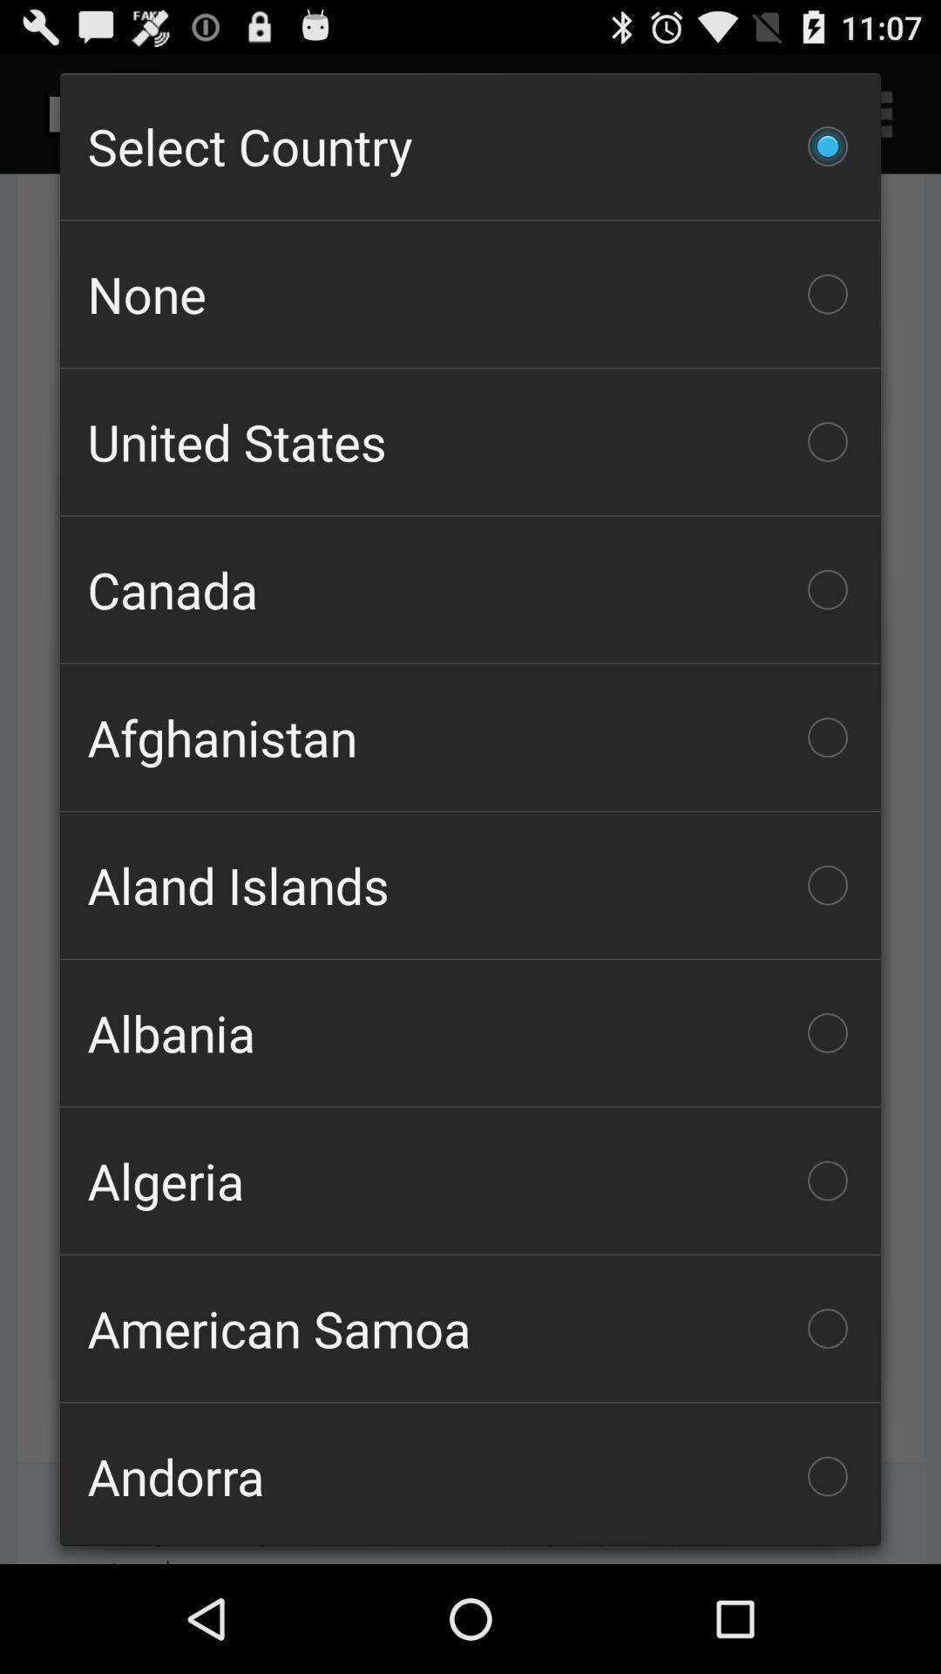 This screenshot has height=1674, width=941. What do you see at coordinates (470, 1181) in the screenshot?
I see `the icon below albania item` at bounding box center [470, 1181].